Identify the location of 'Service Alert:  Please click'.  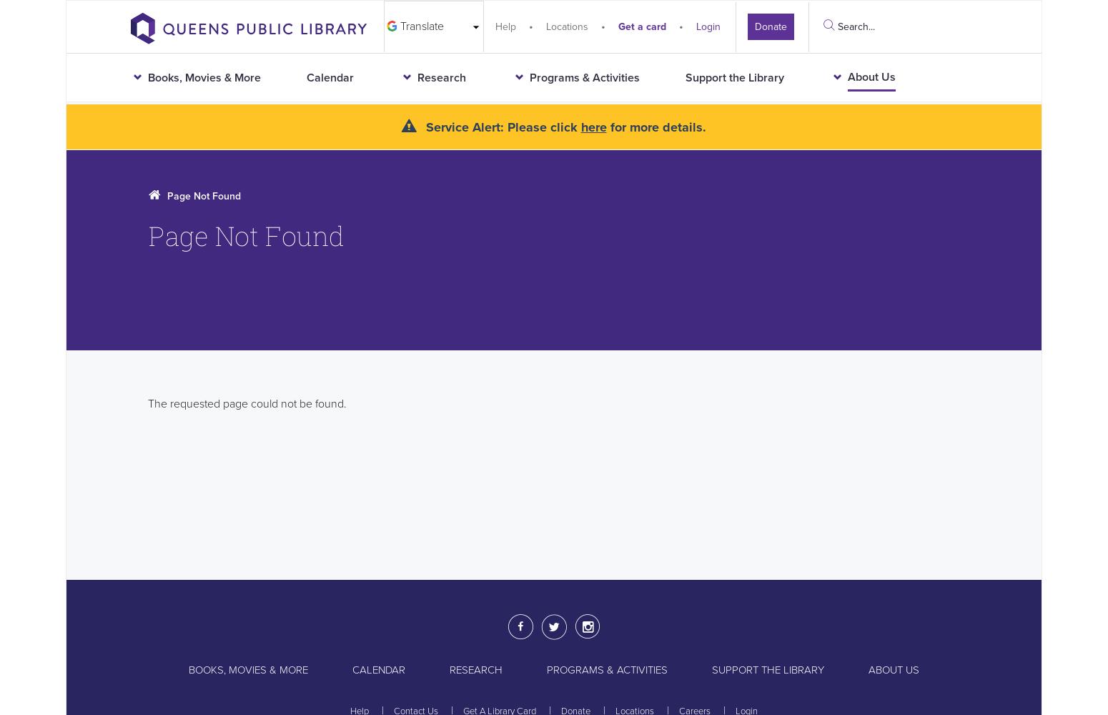
(501, 127).